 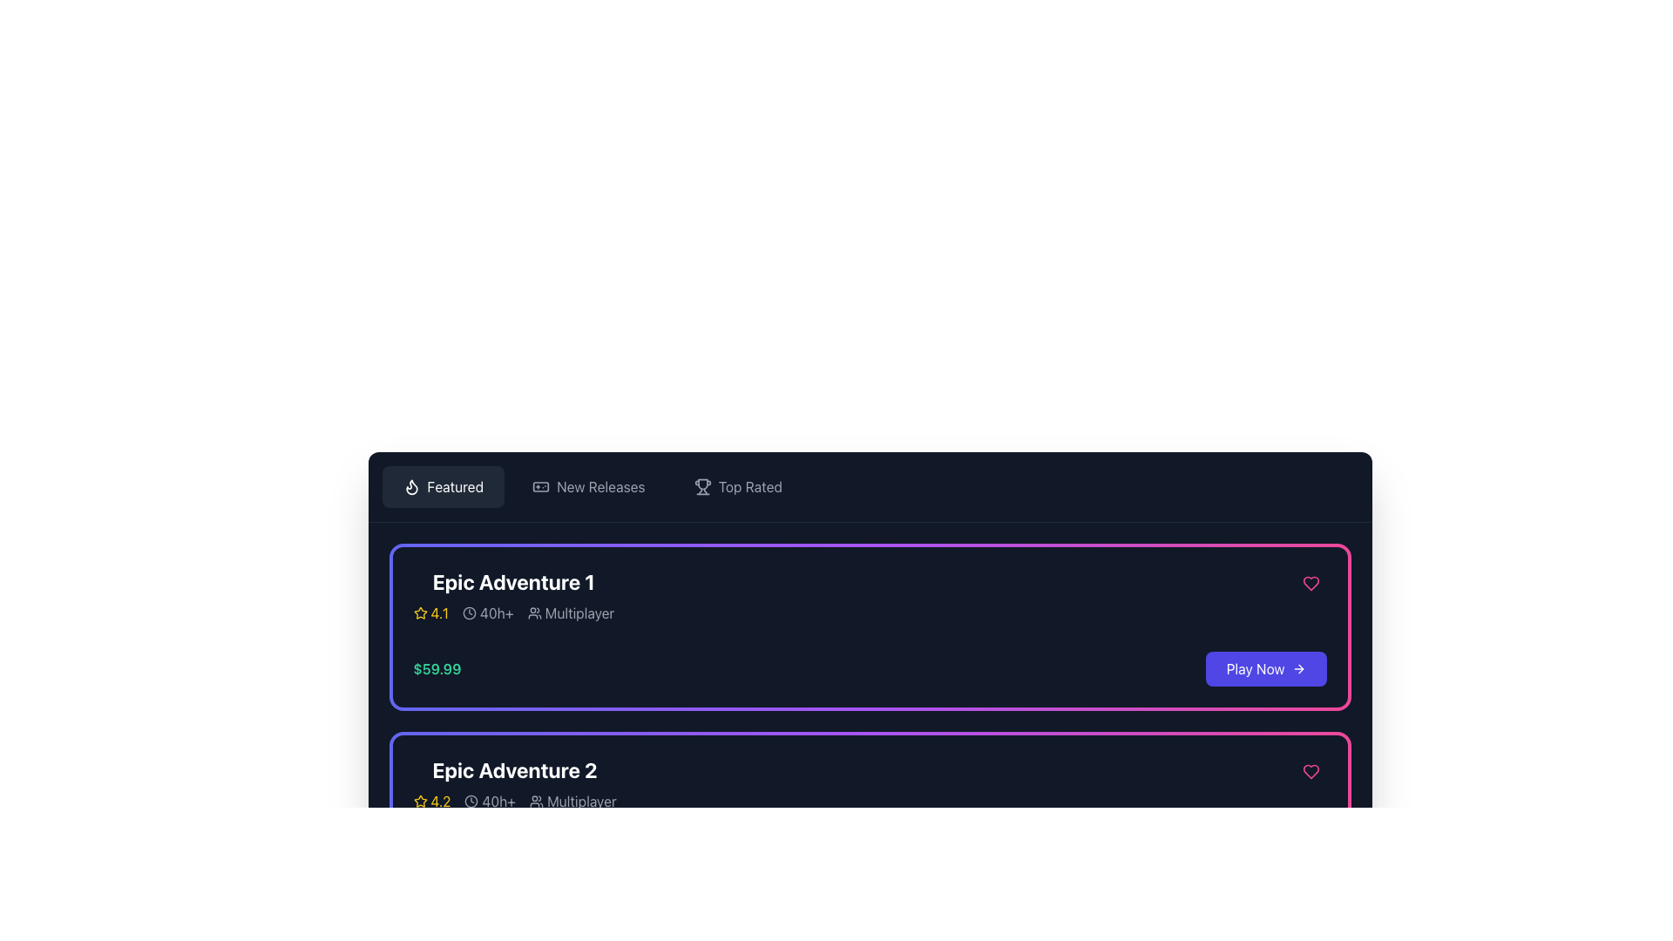 What do you see at coordinates (702, 484) in the screenshot?
I see `the 'Top Rated' icon in the header bar` at bounding box center [702, 484].